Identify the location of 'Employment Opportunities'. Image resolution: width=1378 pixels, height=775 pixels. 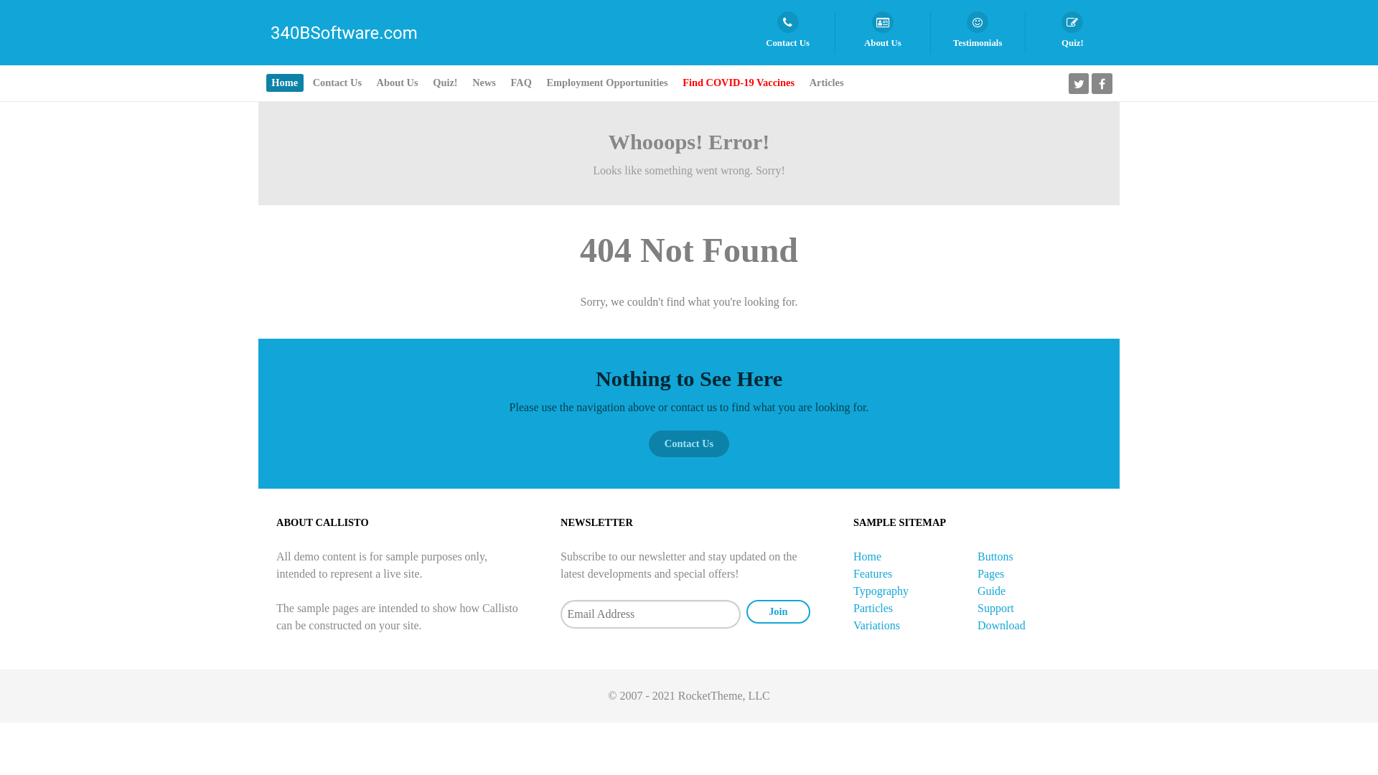
(606, 83).